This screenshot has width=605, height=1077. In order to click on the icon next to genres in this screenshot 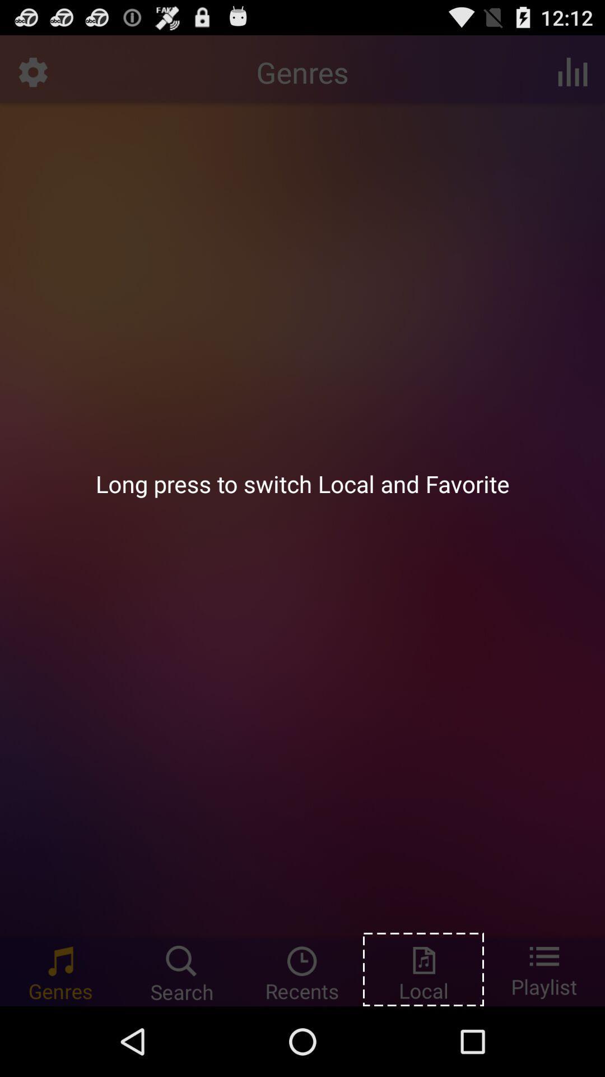, I will do `click(573, 71)`.